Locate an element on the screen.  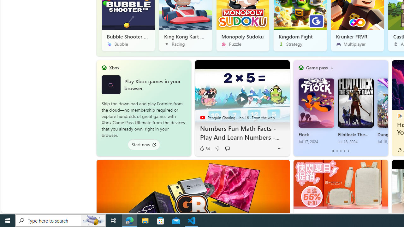
'tab-2' is located at coordinates (340, 151).